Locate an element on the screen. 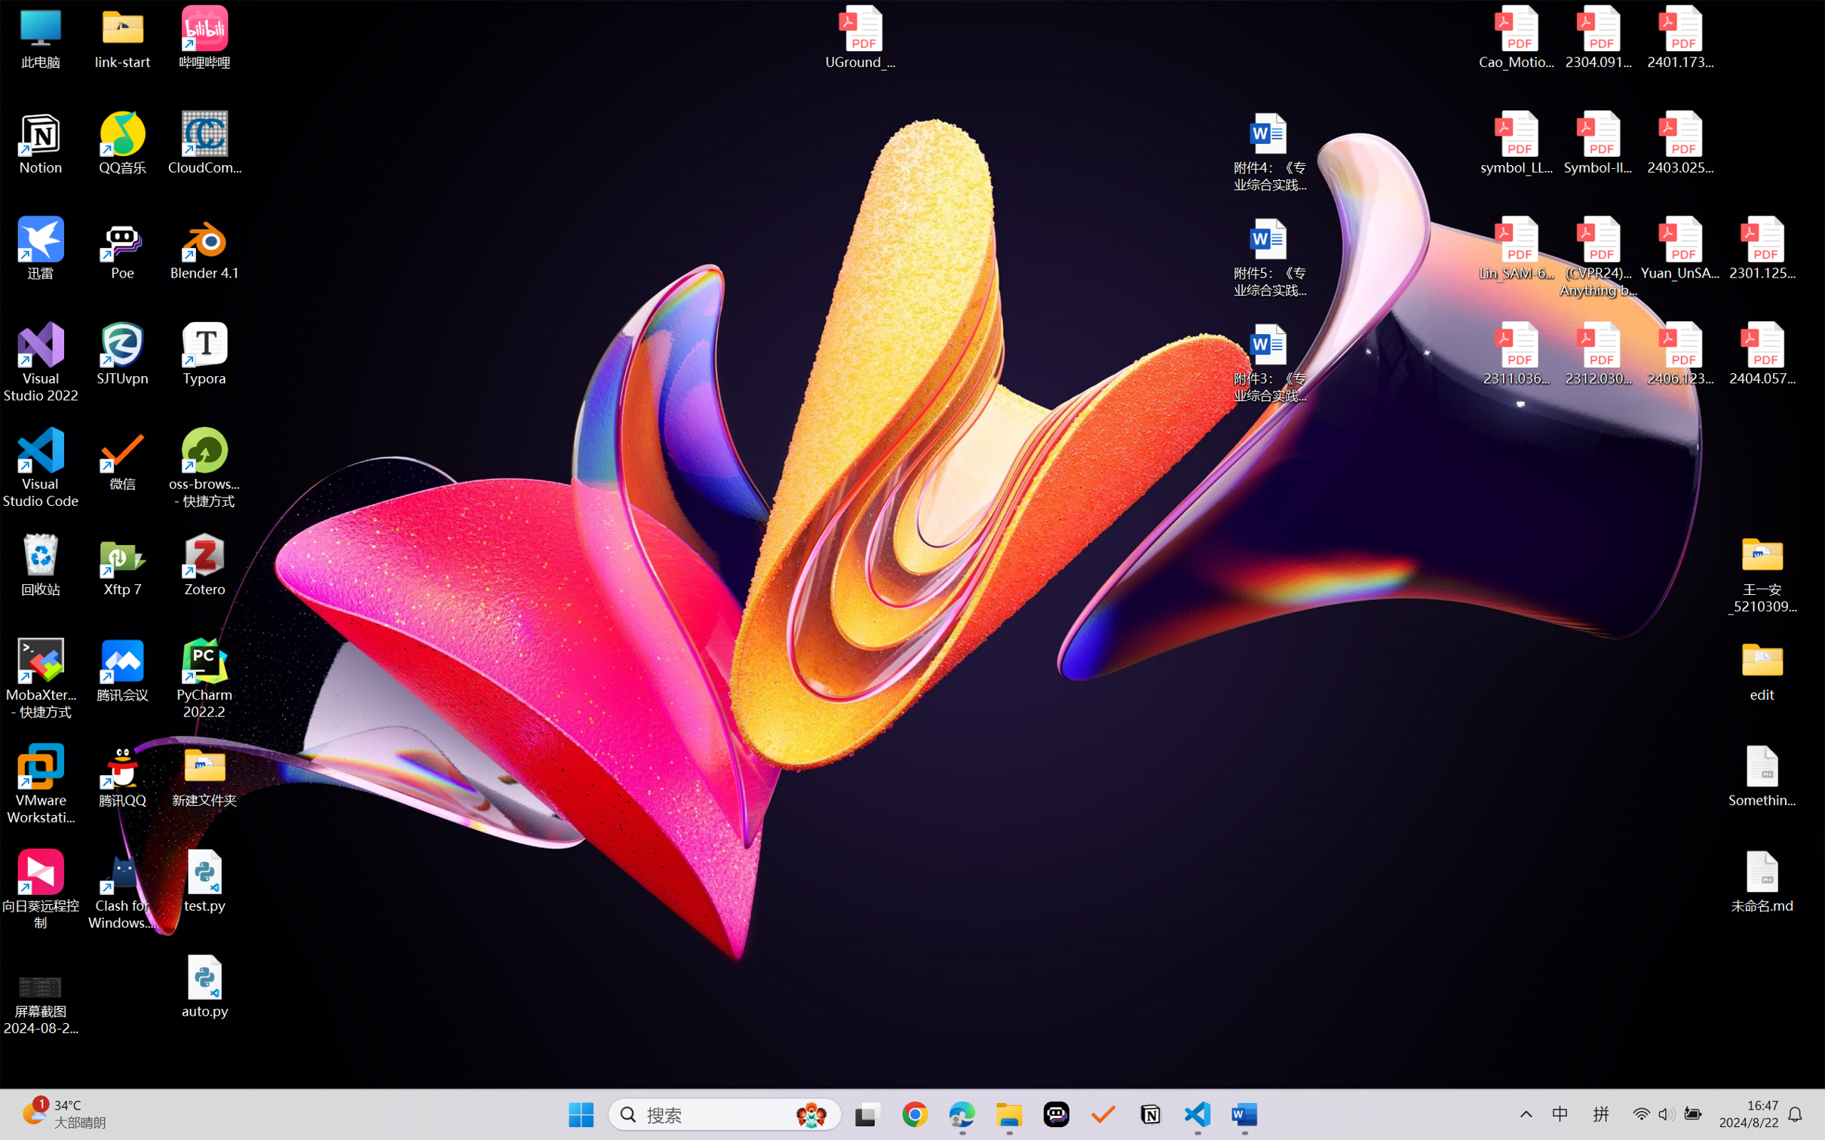 The image size is (1825, 1140). 'Symbol-llm-v2.pdf' is located at coordinates (1597, 143).